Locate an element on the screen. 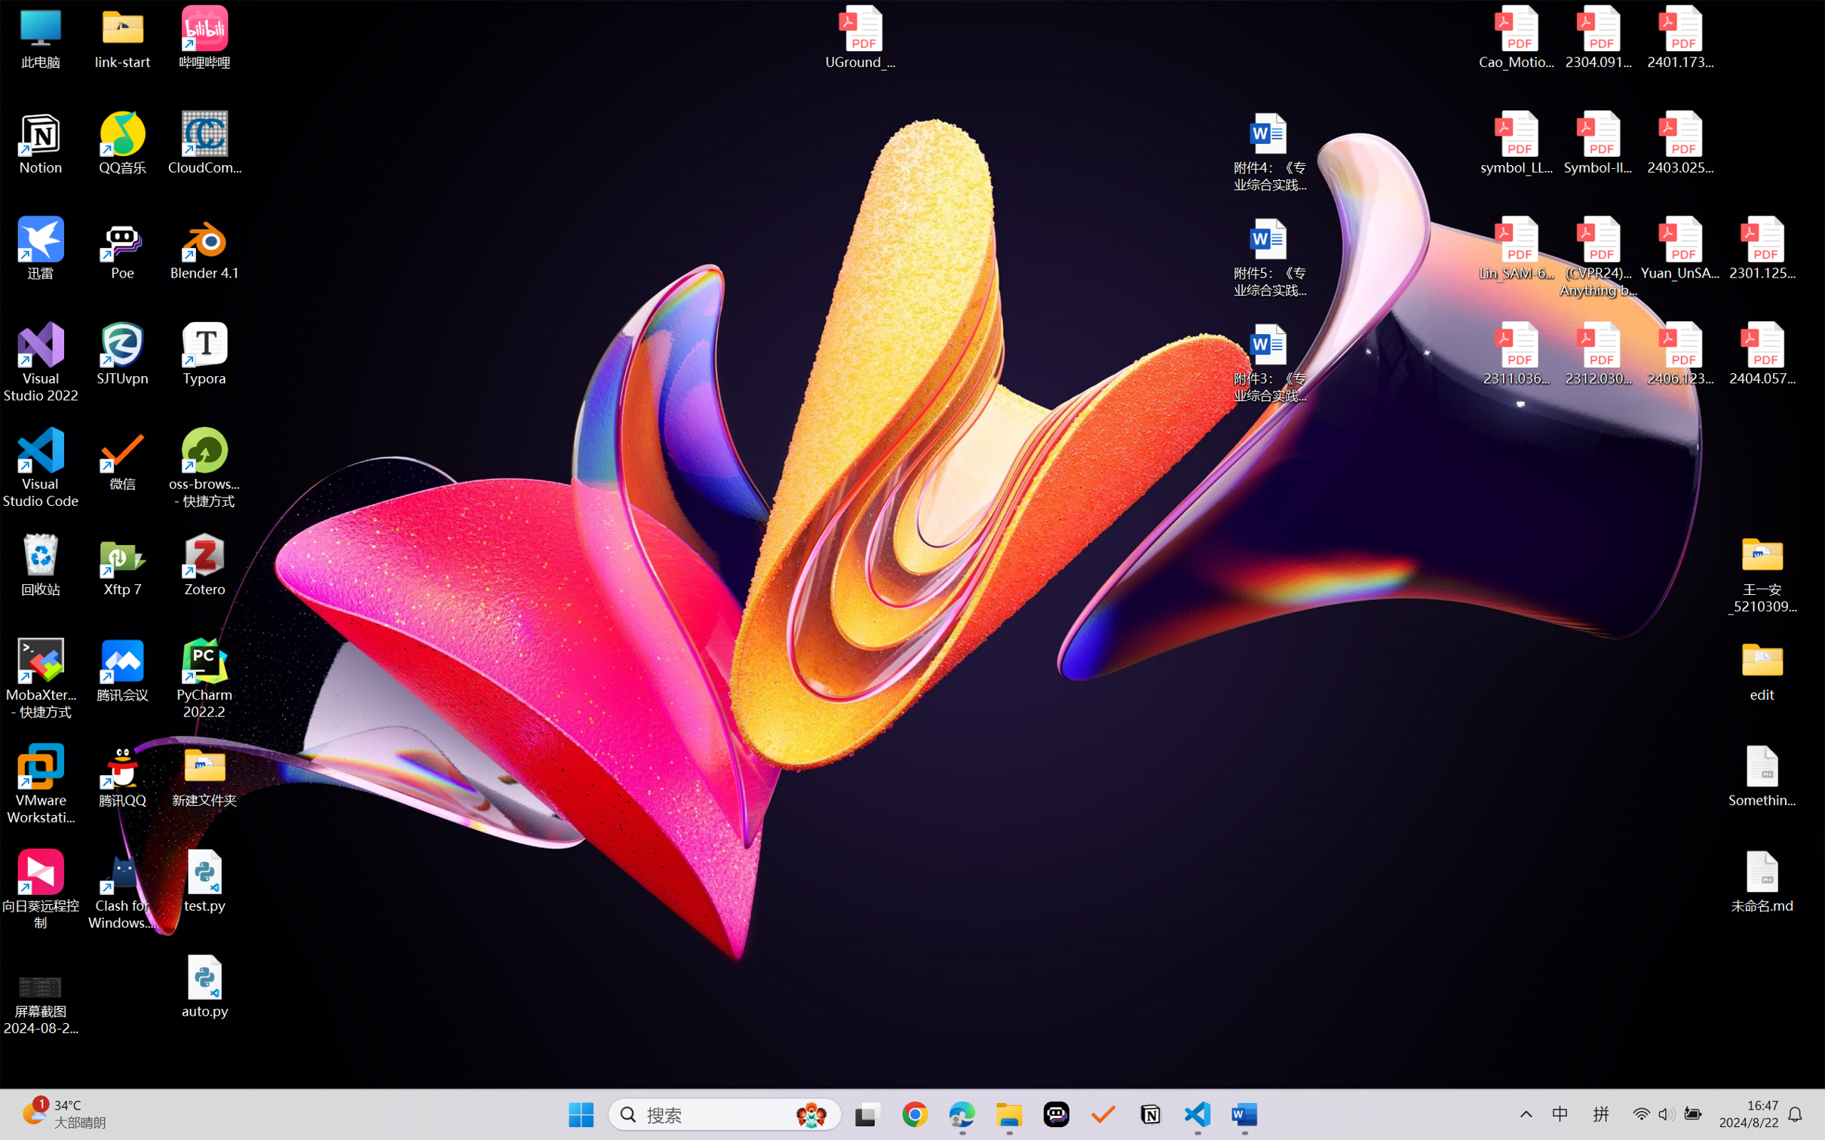 The image size is (1825, 1140). 'Symbol-llm-v2.pdf' is located at coordinates (1597, 143).